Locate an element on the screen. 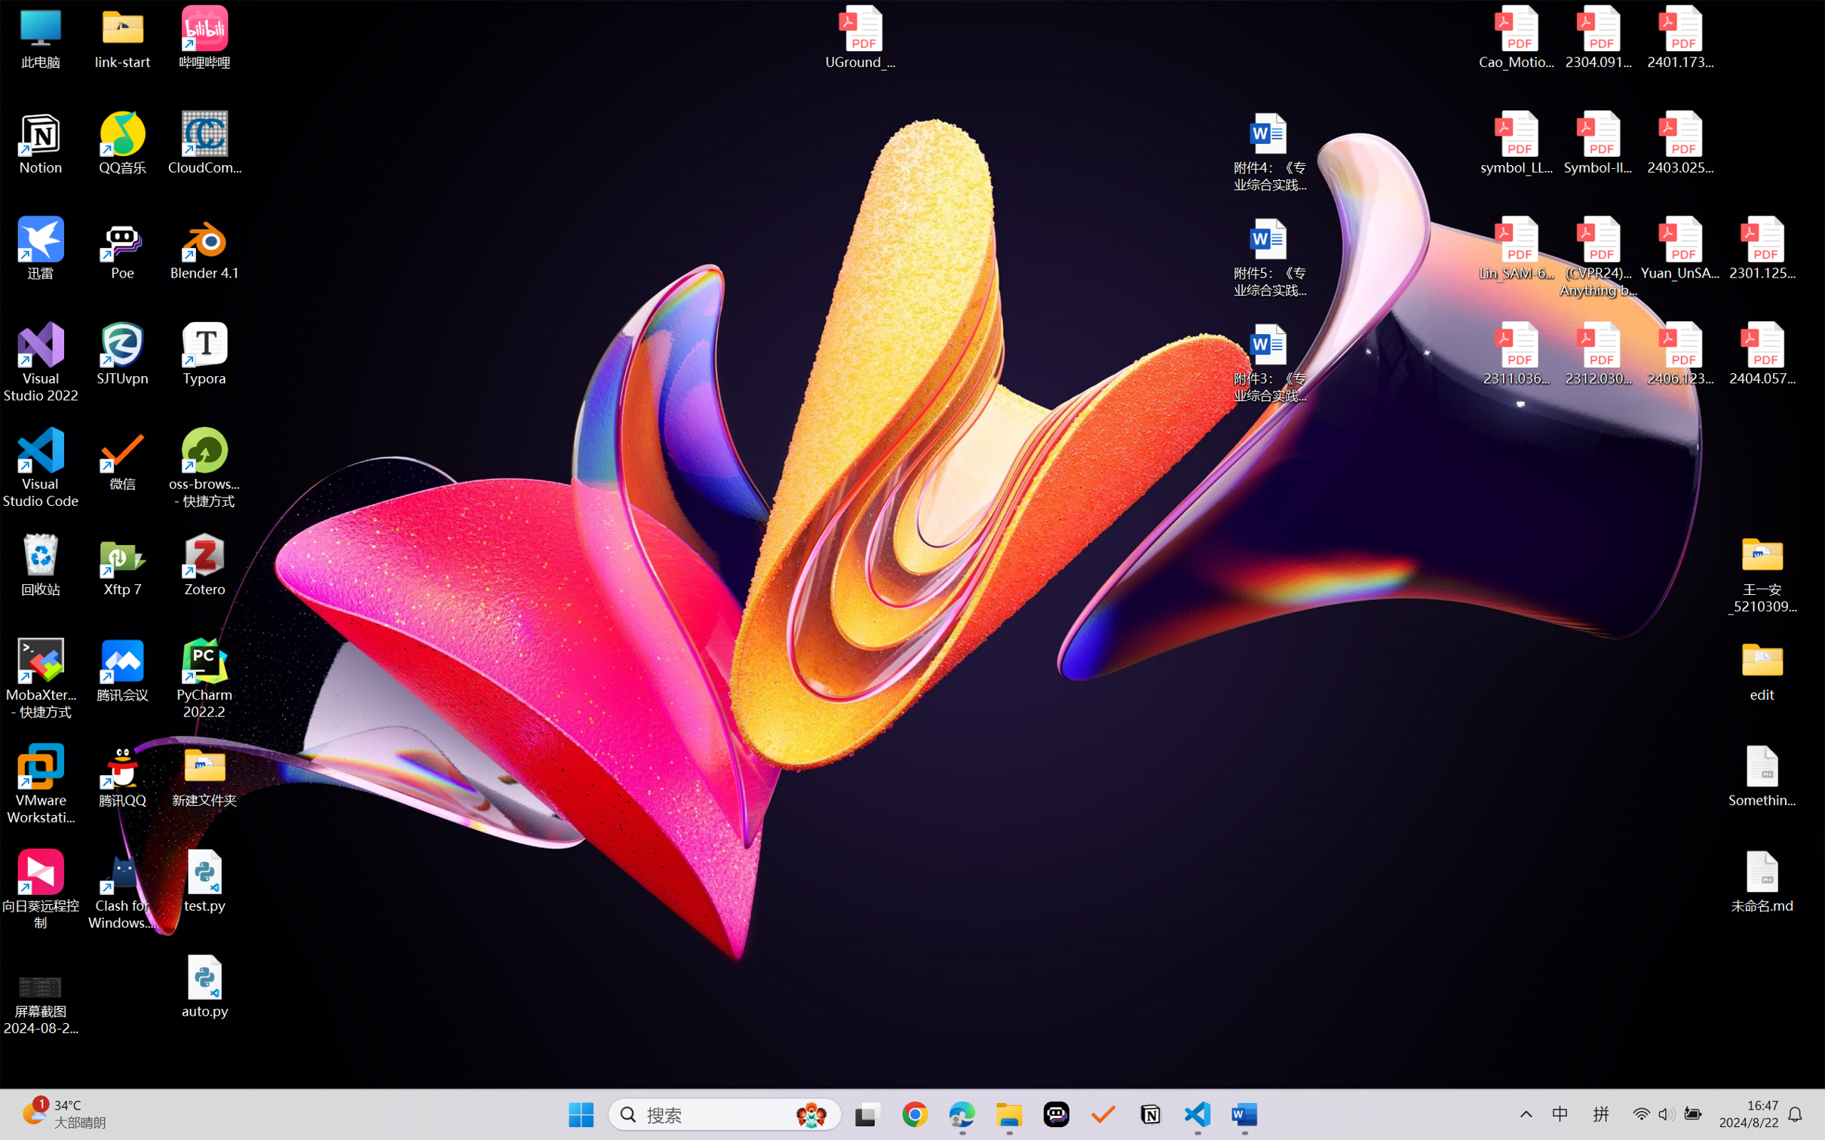 The image size is (1825, 1140). 'Symbol-llm-v2.pdf' is located at coordinates (1597, 143).